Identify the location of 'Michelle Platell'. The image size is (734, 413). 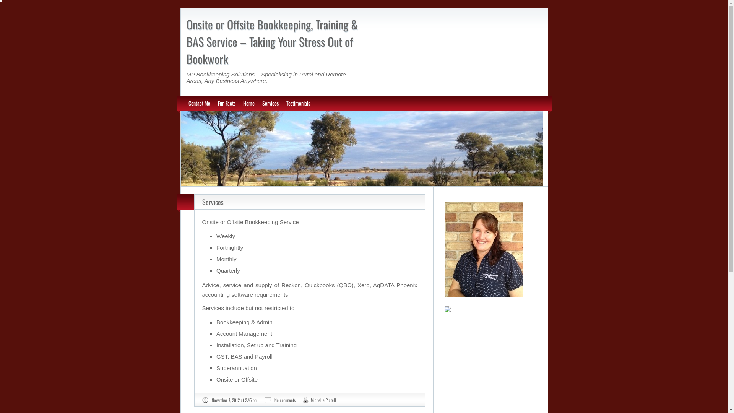
(310, 399).